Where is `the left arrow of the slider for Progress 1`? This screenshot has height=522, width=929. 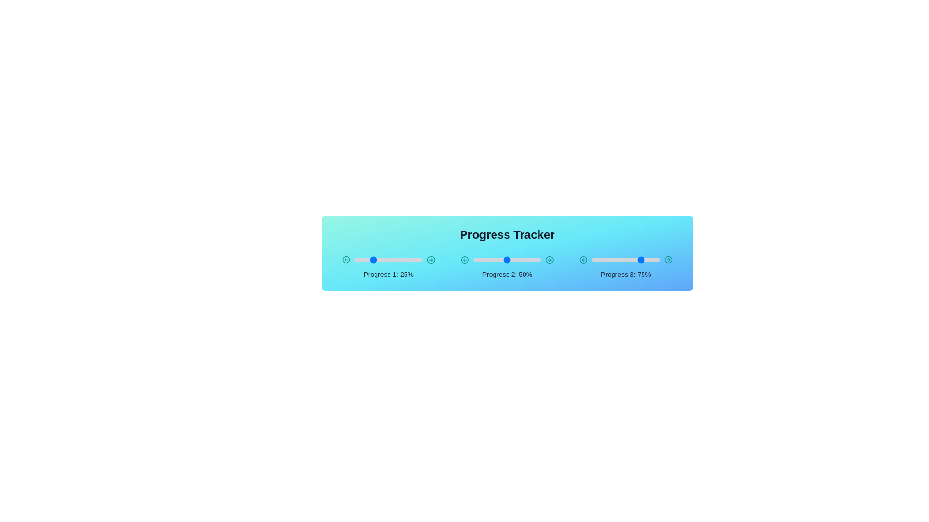 the left arrow of the slider for Progress 1 is located at coordinates (346, 259).